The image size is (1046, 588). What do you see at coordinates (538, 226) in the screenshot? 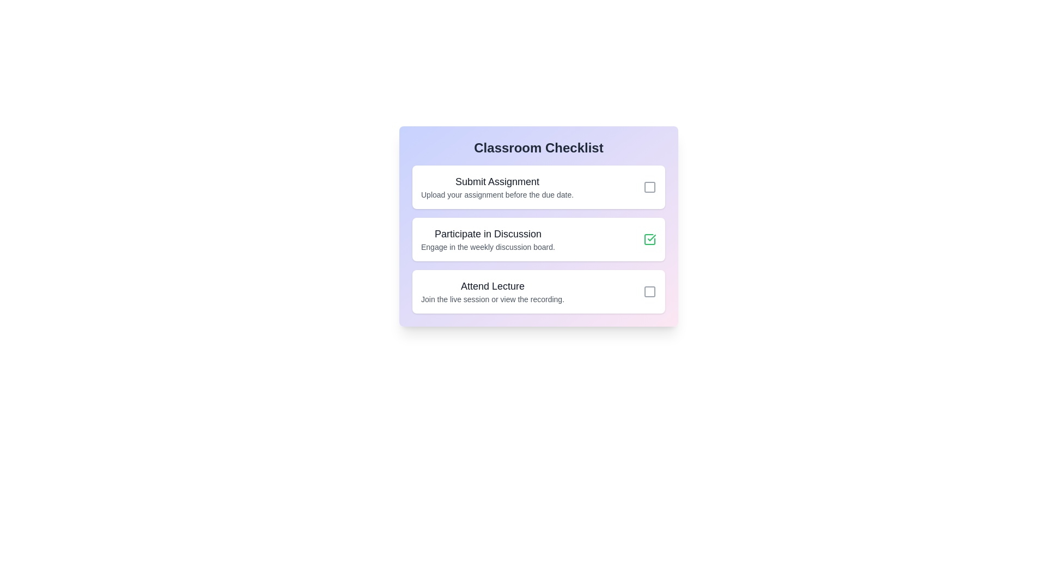
I see `the checkbox of the checklist item titled 'Participate in Discussion'` at bounding box center [538, 226].